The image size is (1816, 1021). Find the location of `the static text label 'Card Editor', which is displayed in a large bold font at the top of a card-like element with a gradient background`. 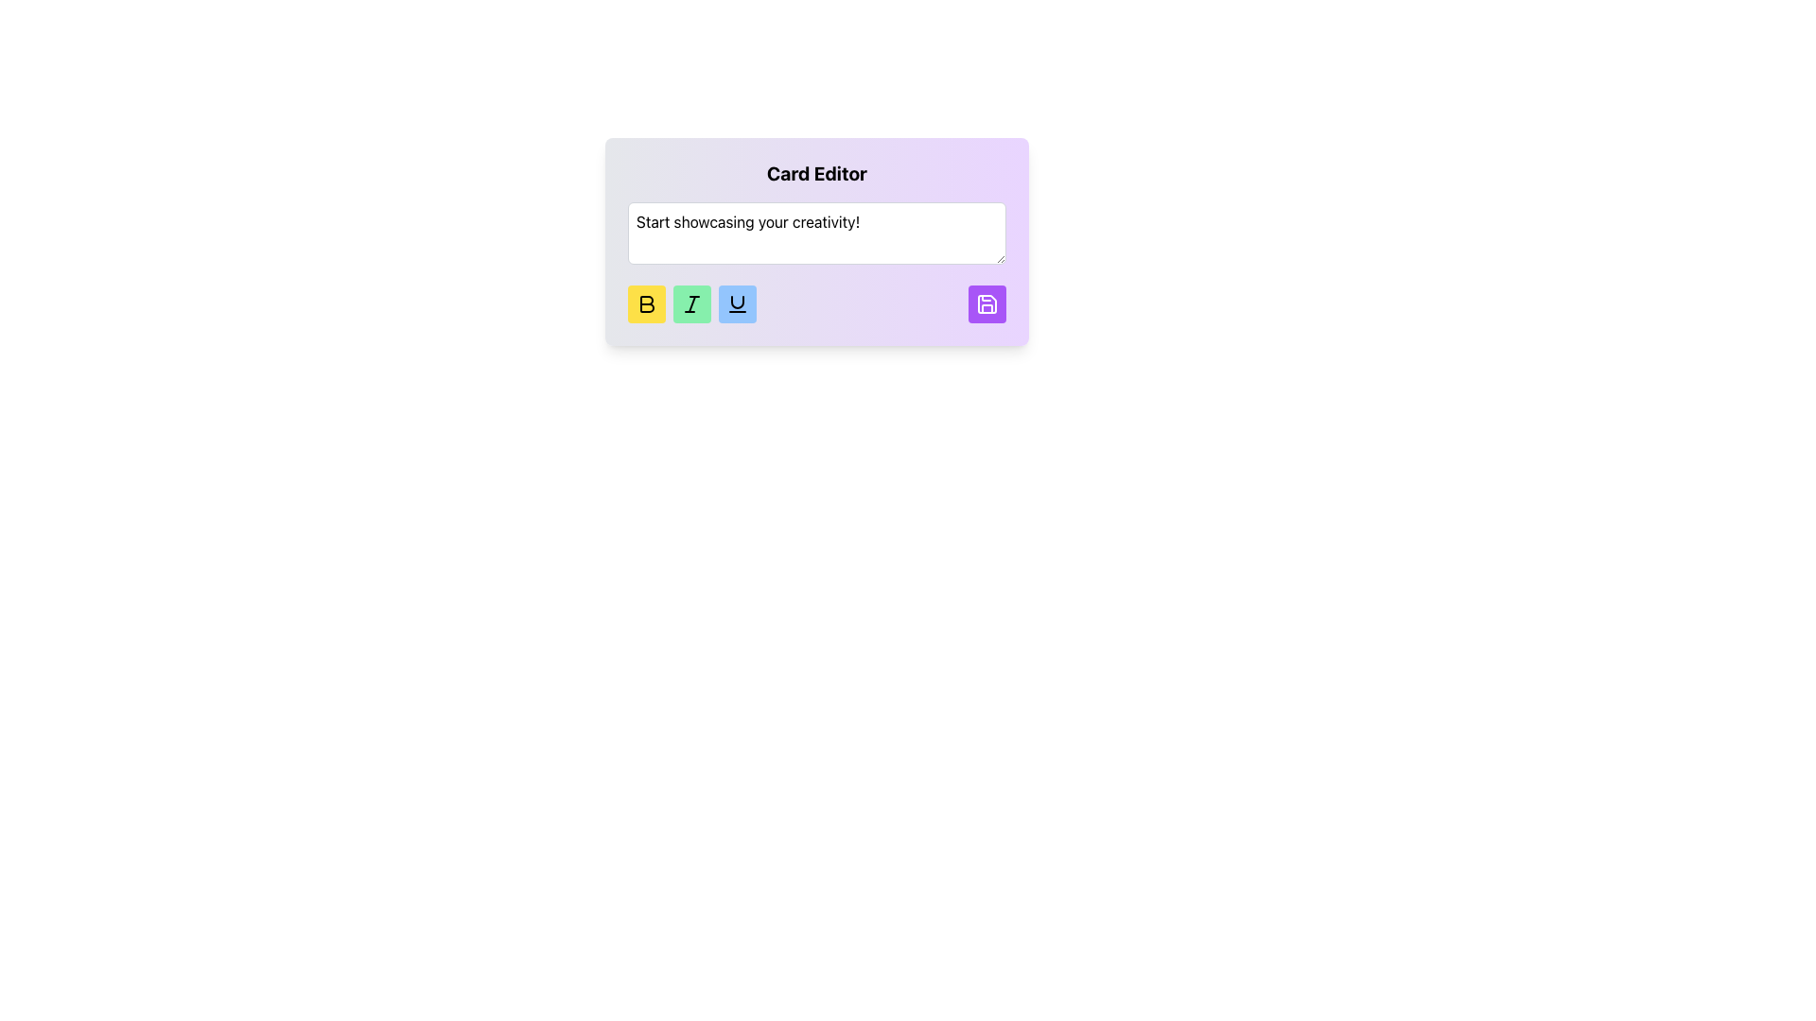

the static text label 'Card Editor', which is displayed in a large bold font at the top of a card-like element with a gradient background is located at coordinates (817, 174).